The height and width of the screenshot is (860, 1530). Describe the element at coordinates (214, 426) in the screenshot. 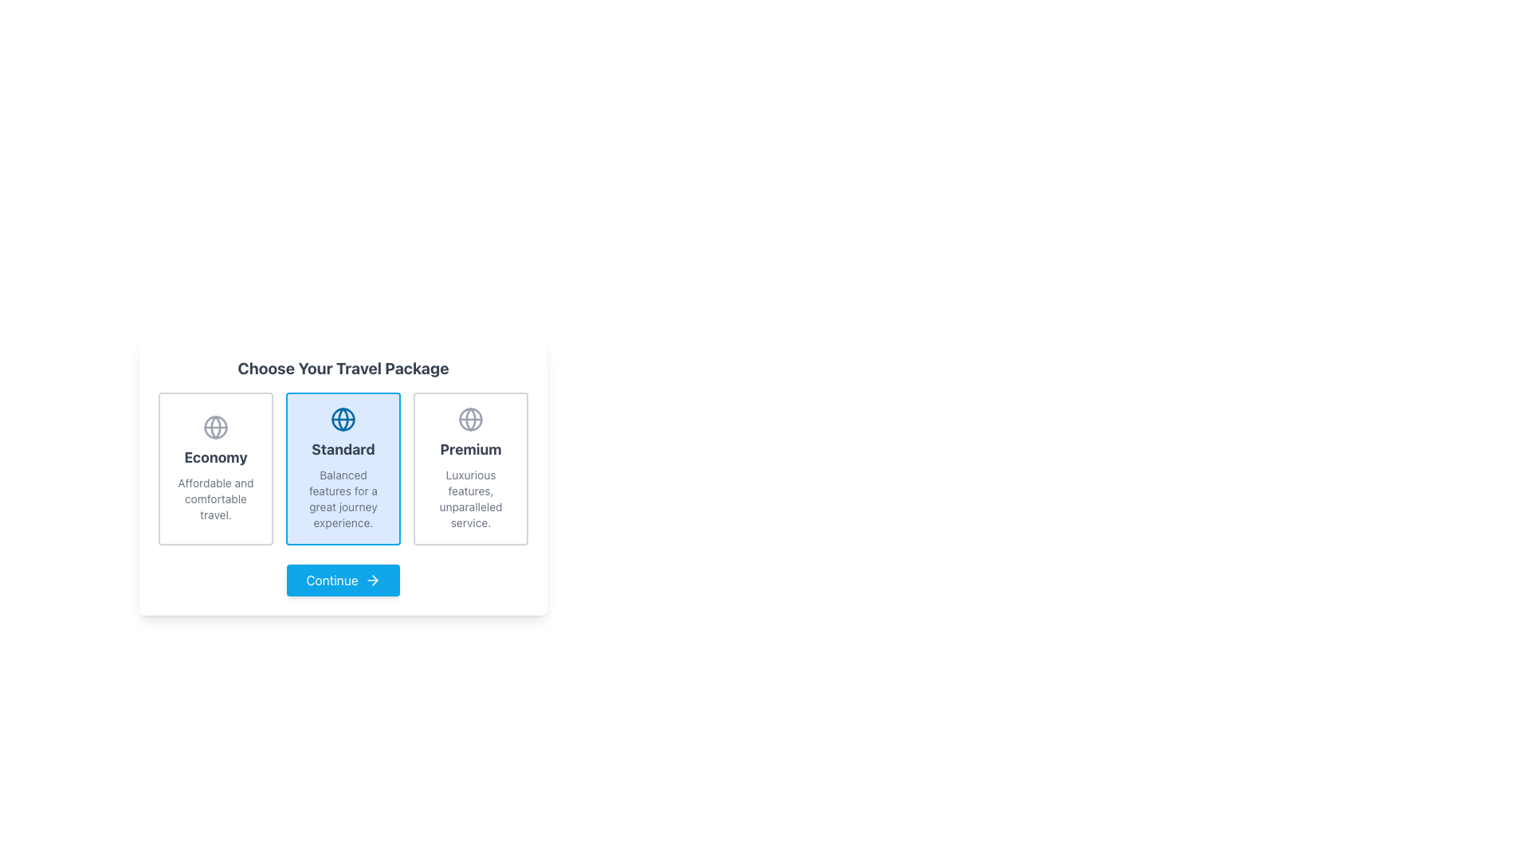

I see `the Decorative SVG icon representing the 'Standard' travel package` at that location.